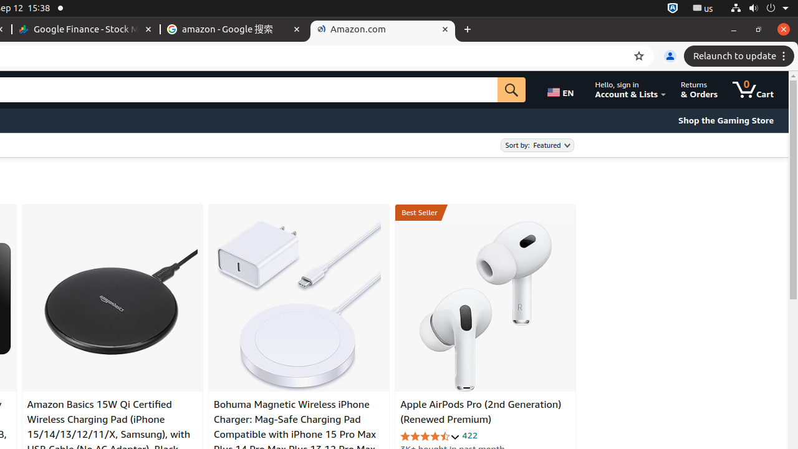 Image resolution: width=798 pixels, height=449 pixels. I want to click on '422', so click(469, 434).